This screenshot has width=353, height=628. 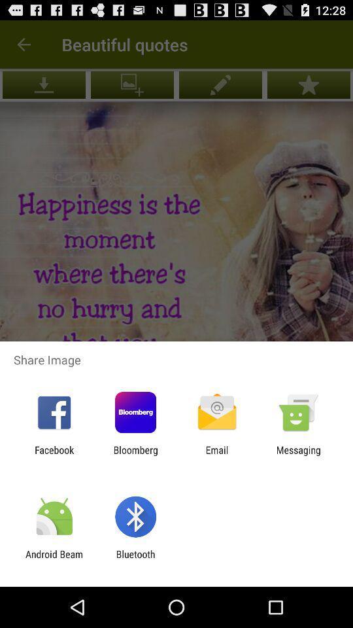 What do you see at coordinates (135, 455) in the screenshot?
I see `bloomberg icon` at bounding box center [135, 455].